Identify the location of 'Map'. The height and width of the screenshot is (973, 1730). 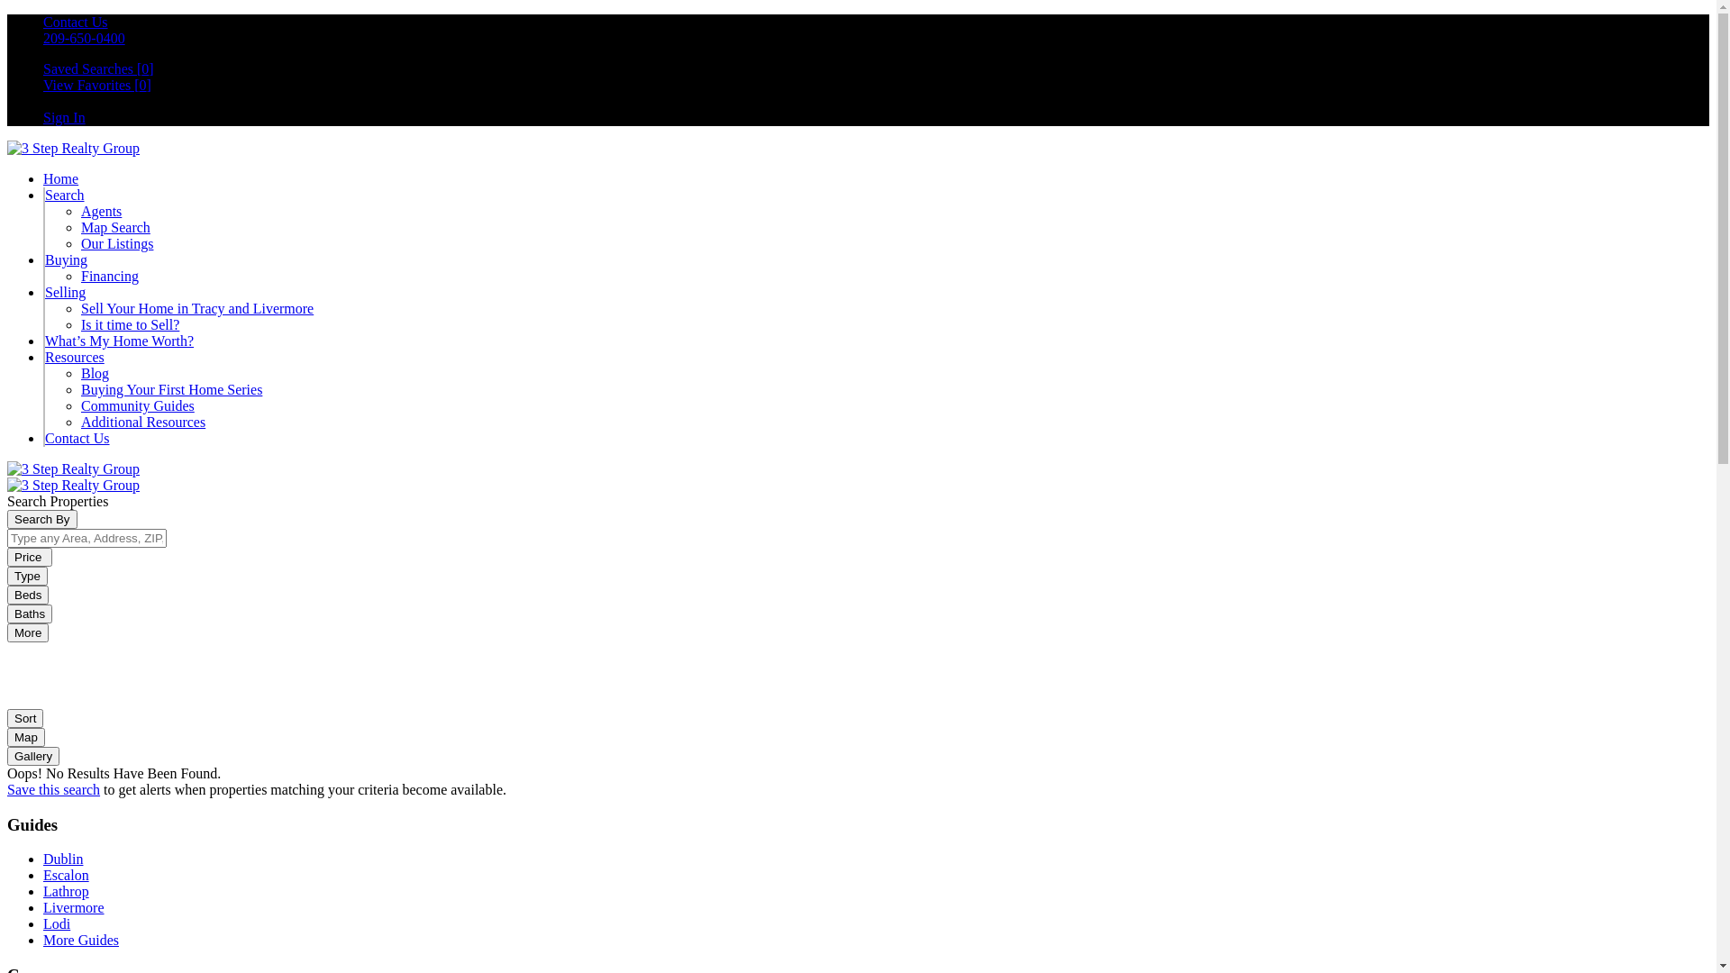
(25, 737).